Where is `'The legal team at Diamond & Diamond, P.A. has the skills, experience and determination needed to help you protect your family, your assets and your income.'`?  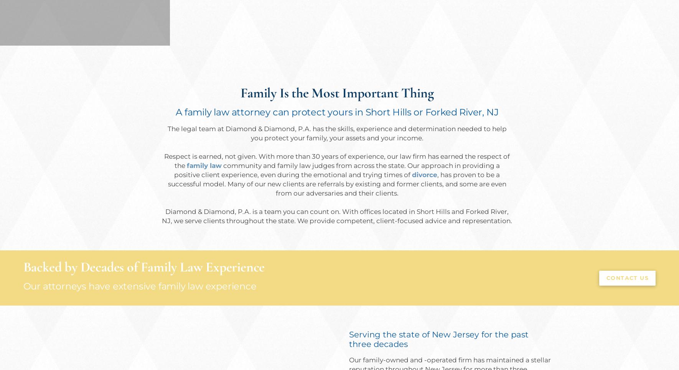
'The legal team at Diamond & Diamond, P.A. has the skills, experience and determination needed to help you protect your family, your assets and your income.' is located at coordinates (166, 133).